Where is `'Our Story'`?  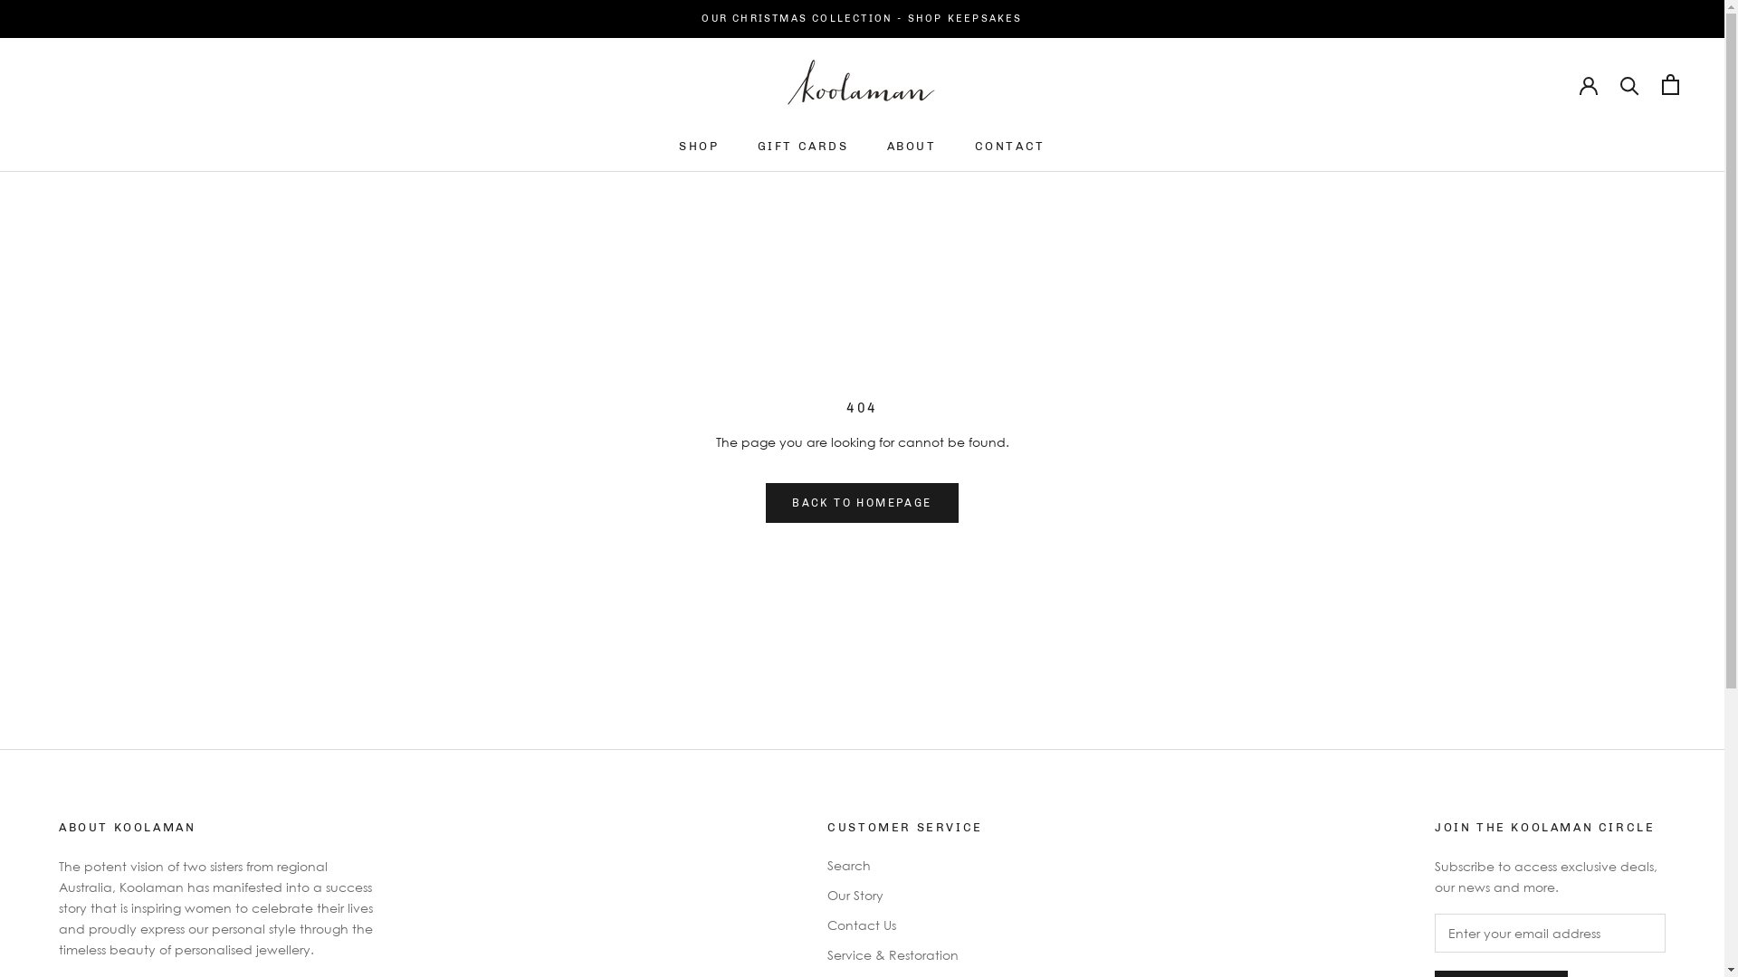 'Our Story' is located at coordinates (904, 894).